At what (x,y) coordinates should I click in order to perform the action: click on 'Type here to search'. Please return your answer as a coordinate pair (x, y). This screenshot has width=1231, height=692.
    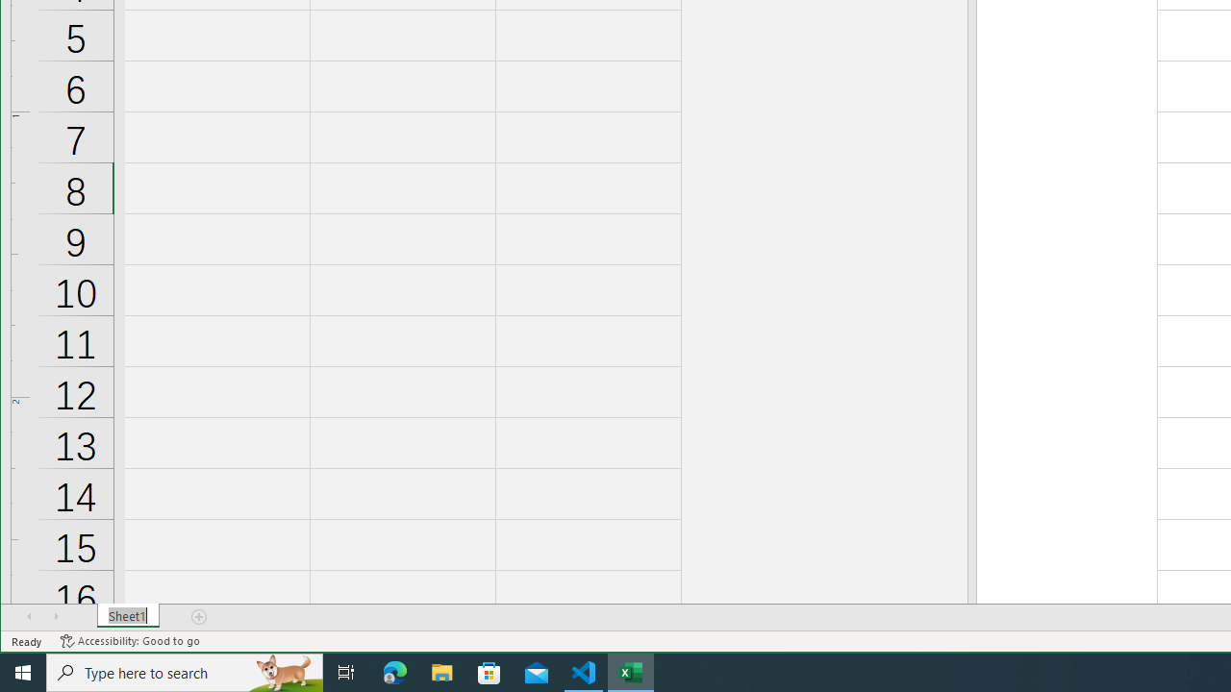
    Looking at the image, I should click on (185, 671).